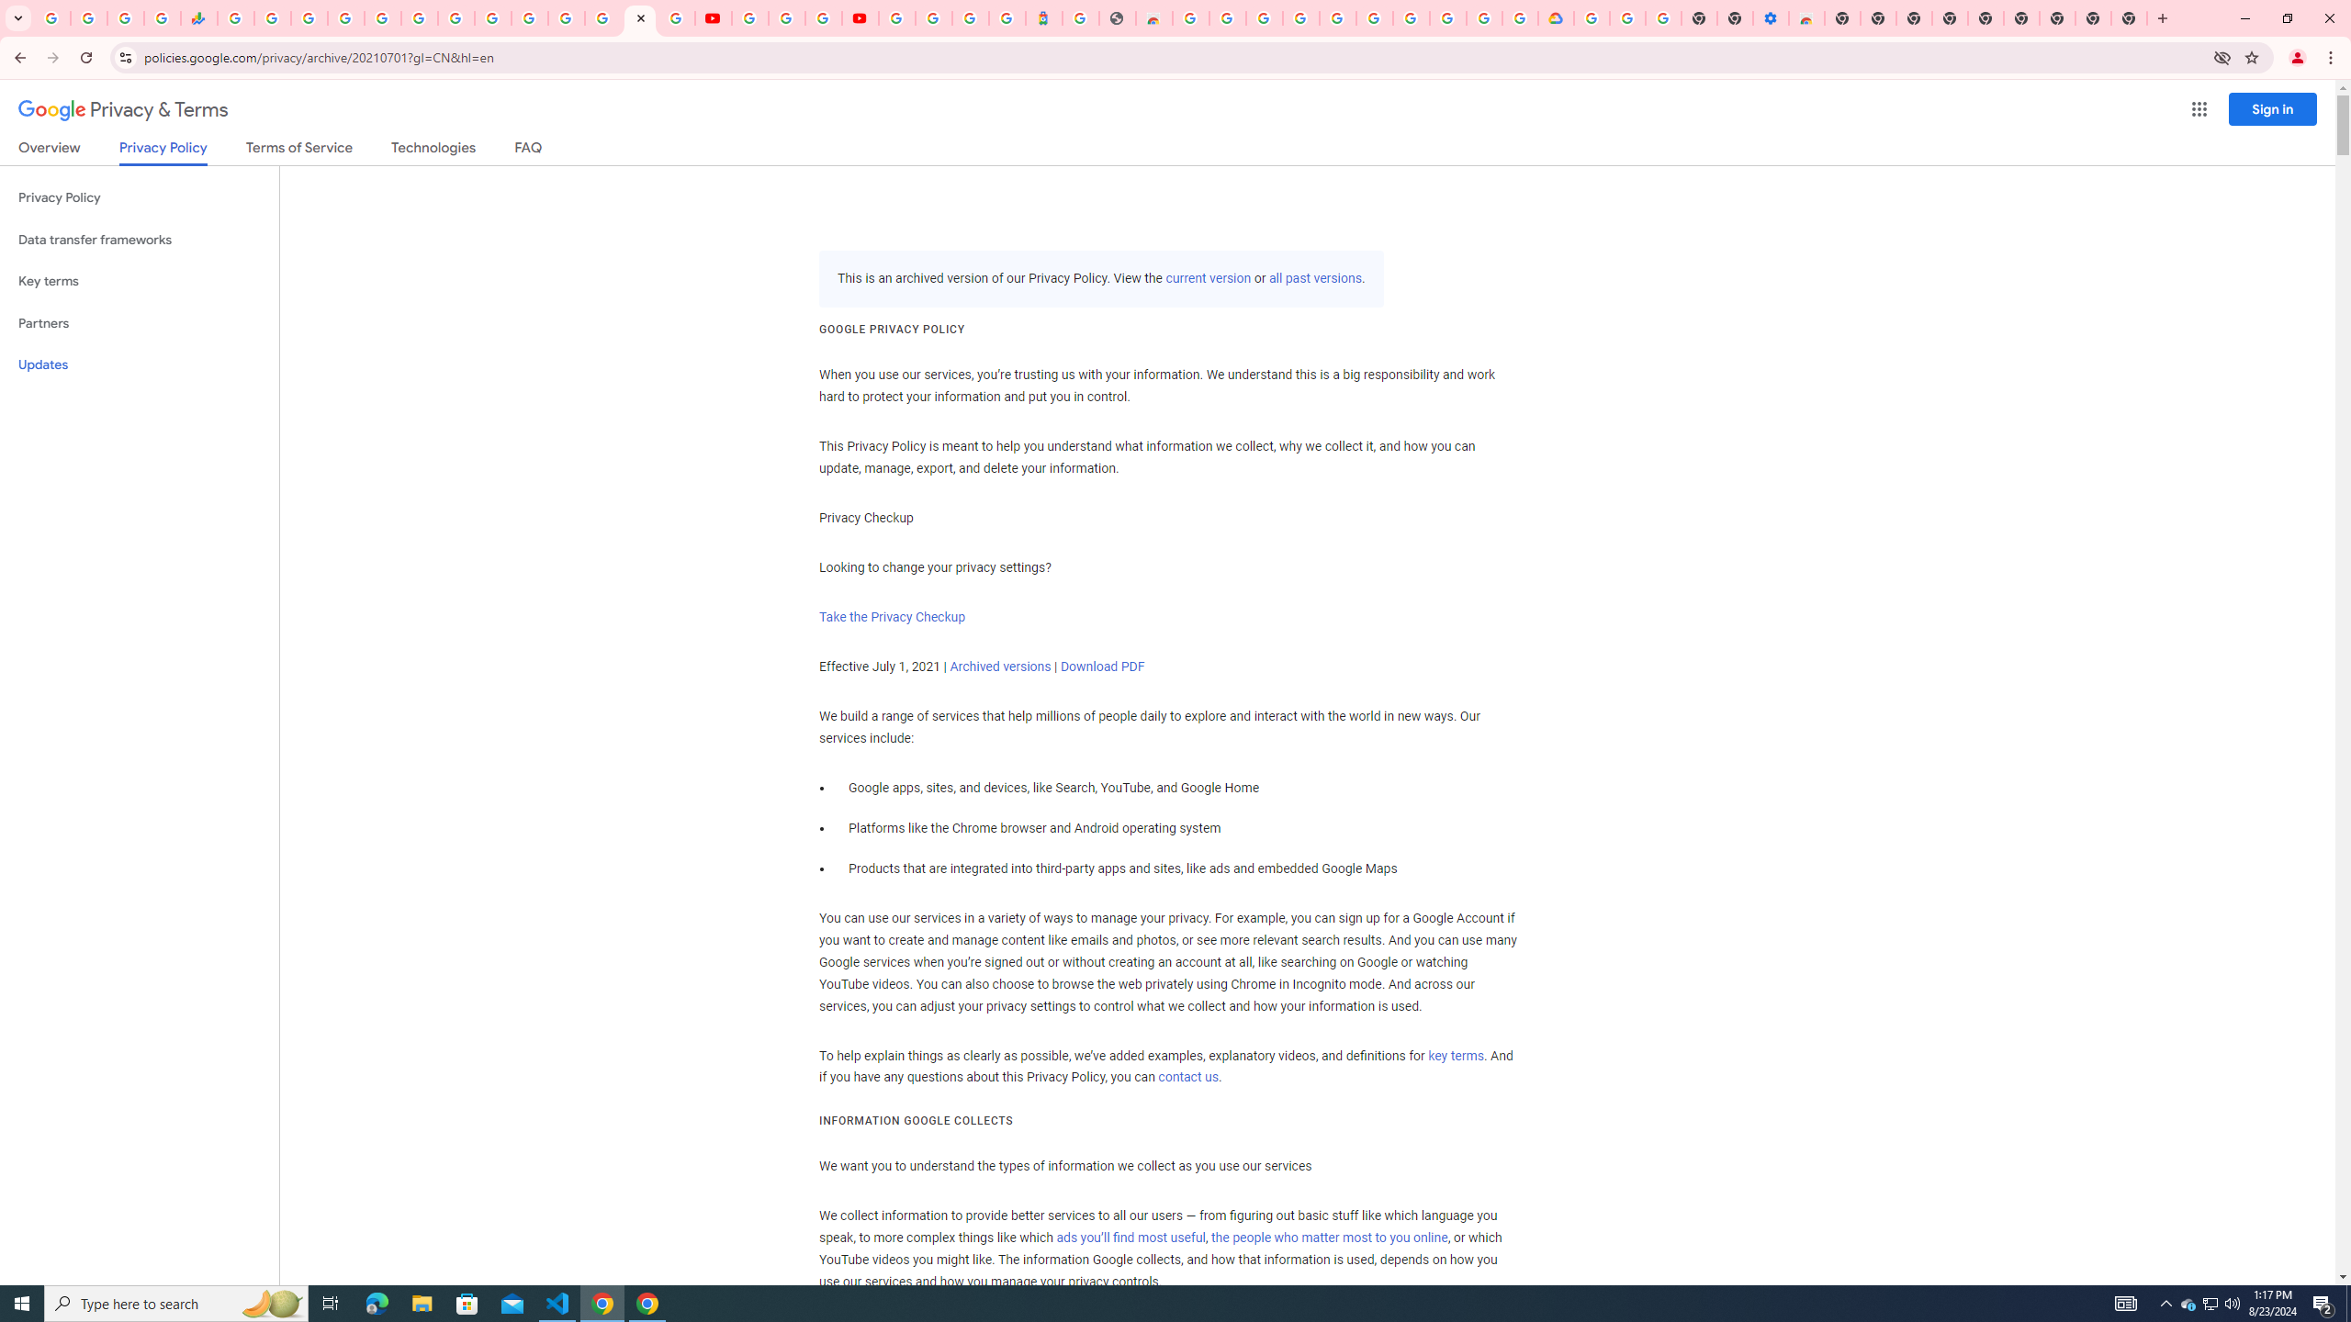 The height and width of the screenshot is (1322, 2351). What do you see at coordinates (1520, 17) in the screenshot?
I see `'Browse the Google Chrome Community - Google Chrome Community'` at bounding box center [1520, 17].